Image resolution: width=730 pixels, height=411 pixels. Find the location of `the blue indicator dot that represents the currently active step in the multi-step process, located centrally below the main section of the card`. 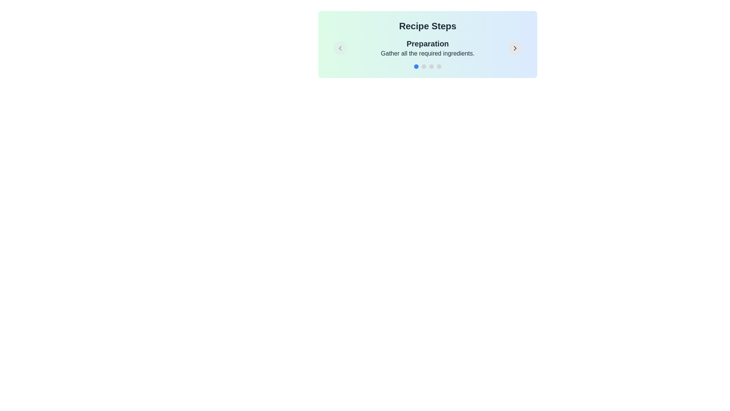

the blue indicator dot that represents the currently active step in the multi-step process, located centrally below the main section of the card is located at coordinates (416, 66).